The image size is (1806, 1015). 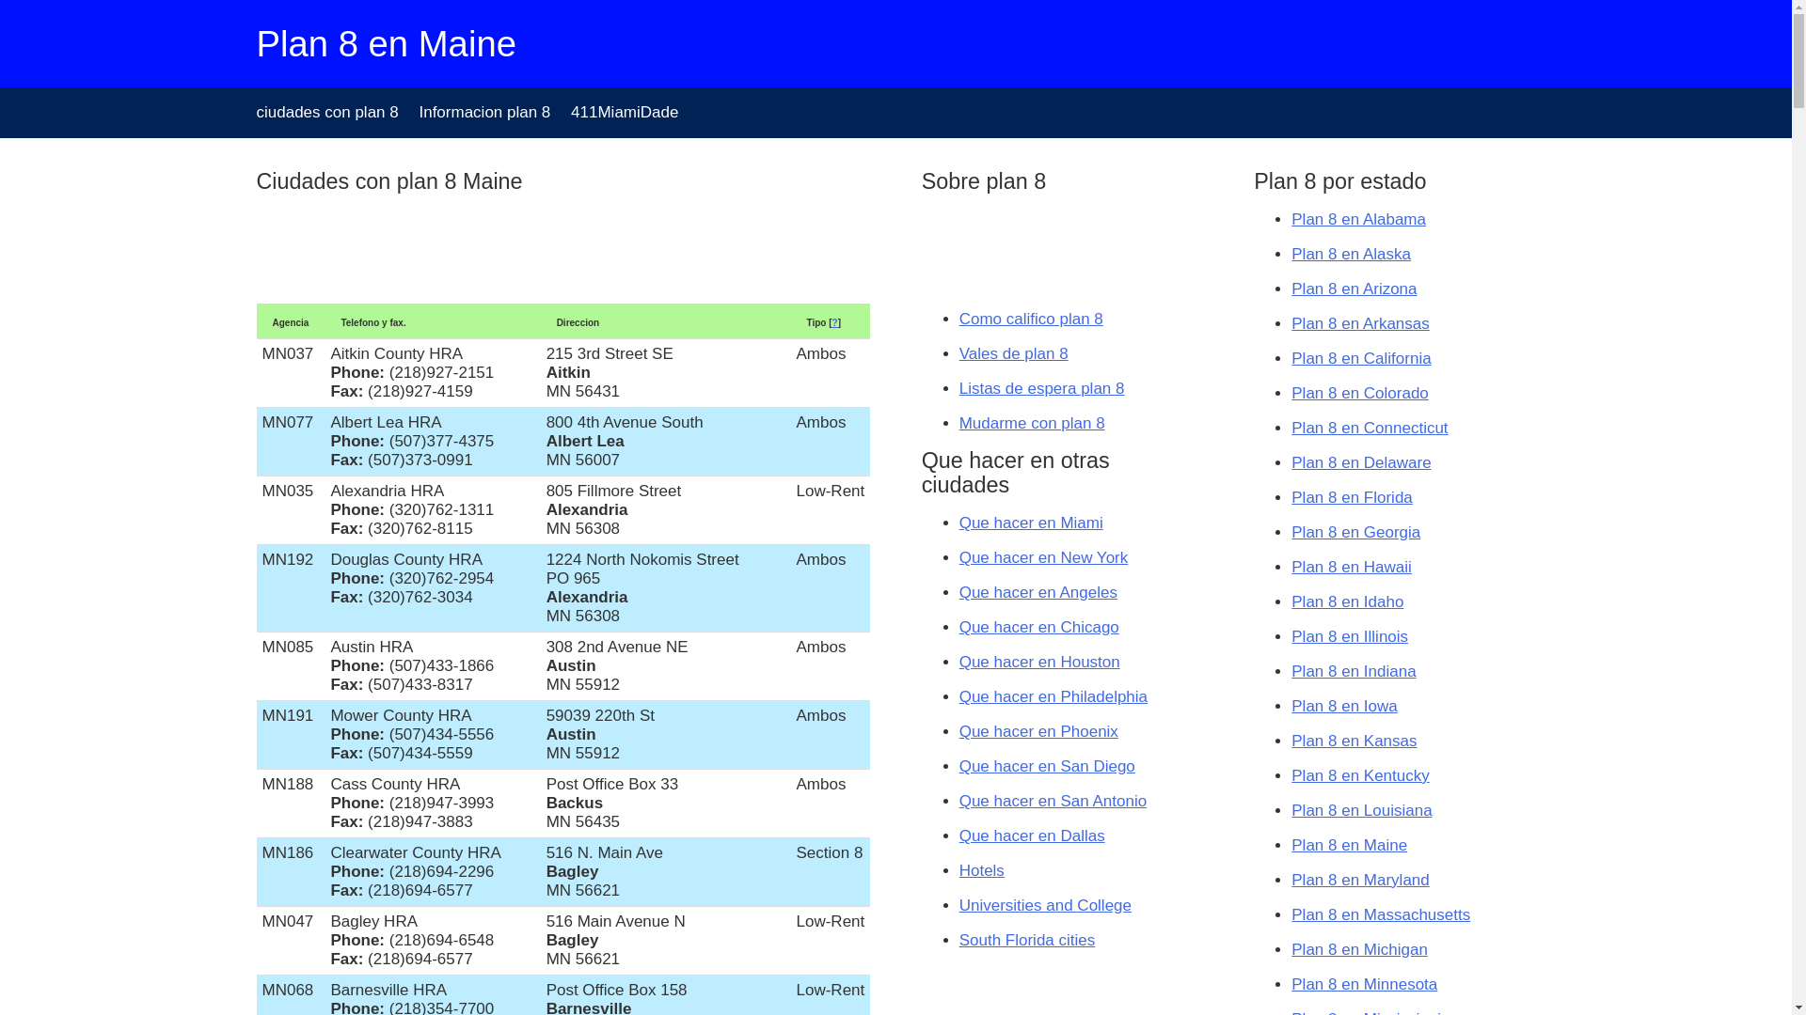 What do you see at coordinates (1015, 245) in the screenshot?
I see `'Advertisement'` at bounding box center [1015, 245].